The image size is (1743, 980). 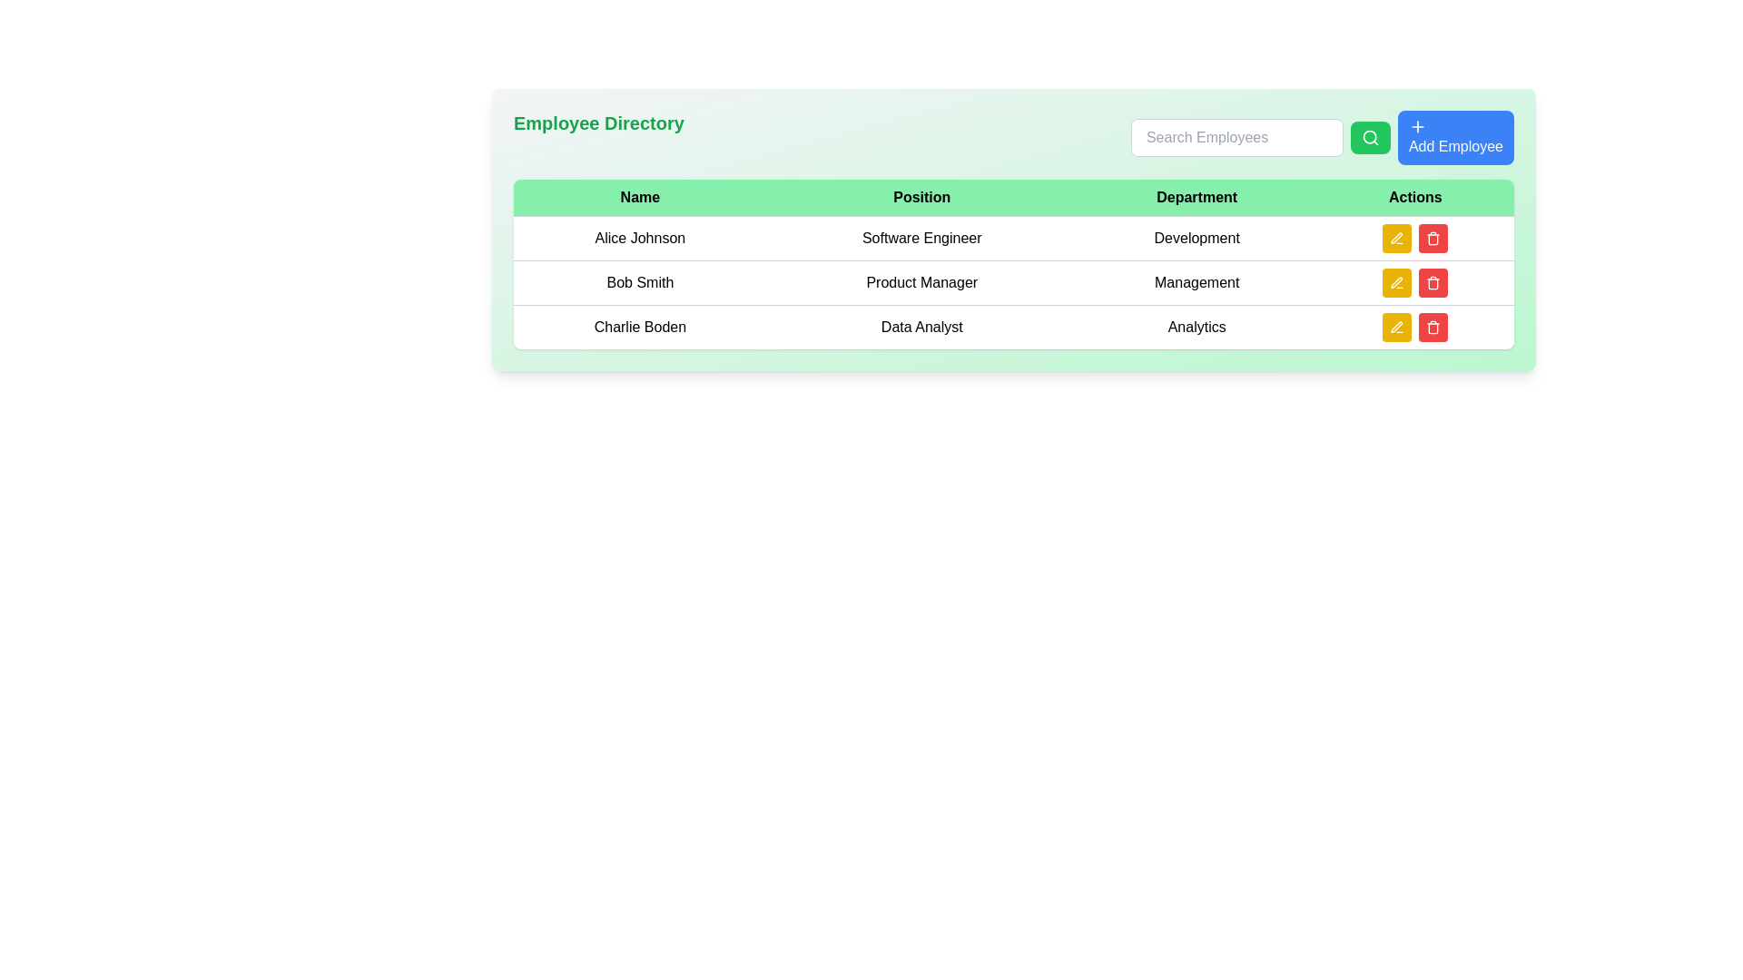 I want to click on the delete icon button in the Actions column of the table for the employee named 'Charlie Boden', so click(x=1433, y=328).